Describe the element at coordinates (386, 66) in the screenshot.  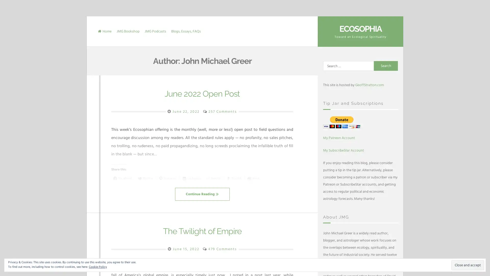
I see `Search` at that location.